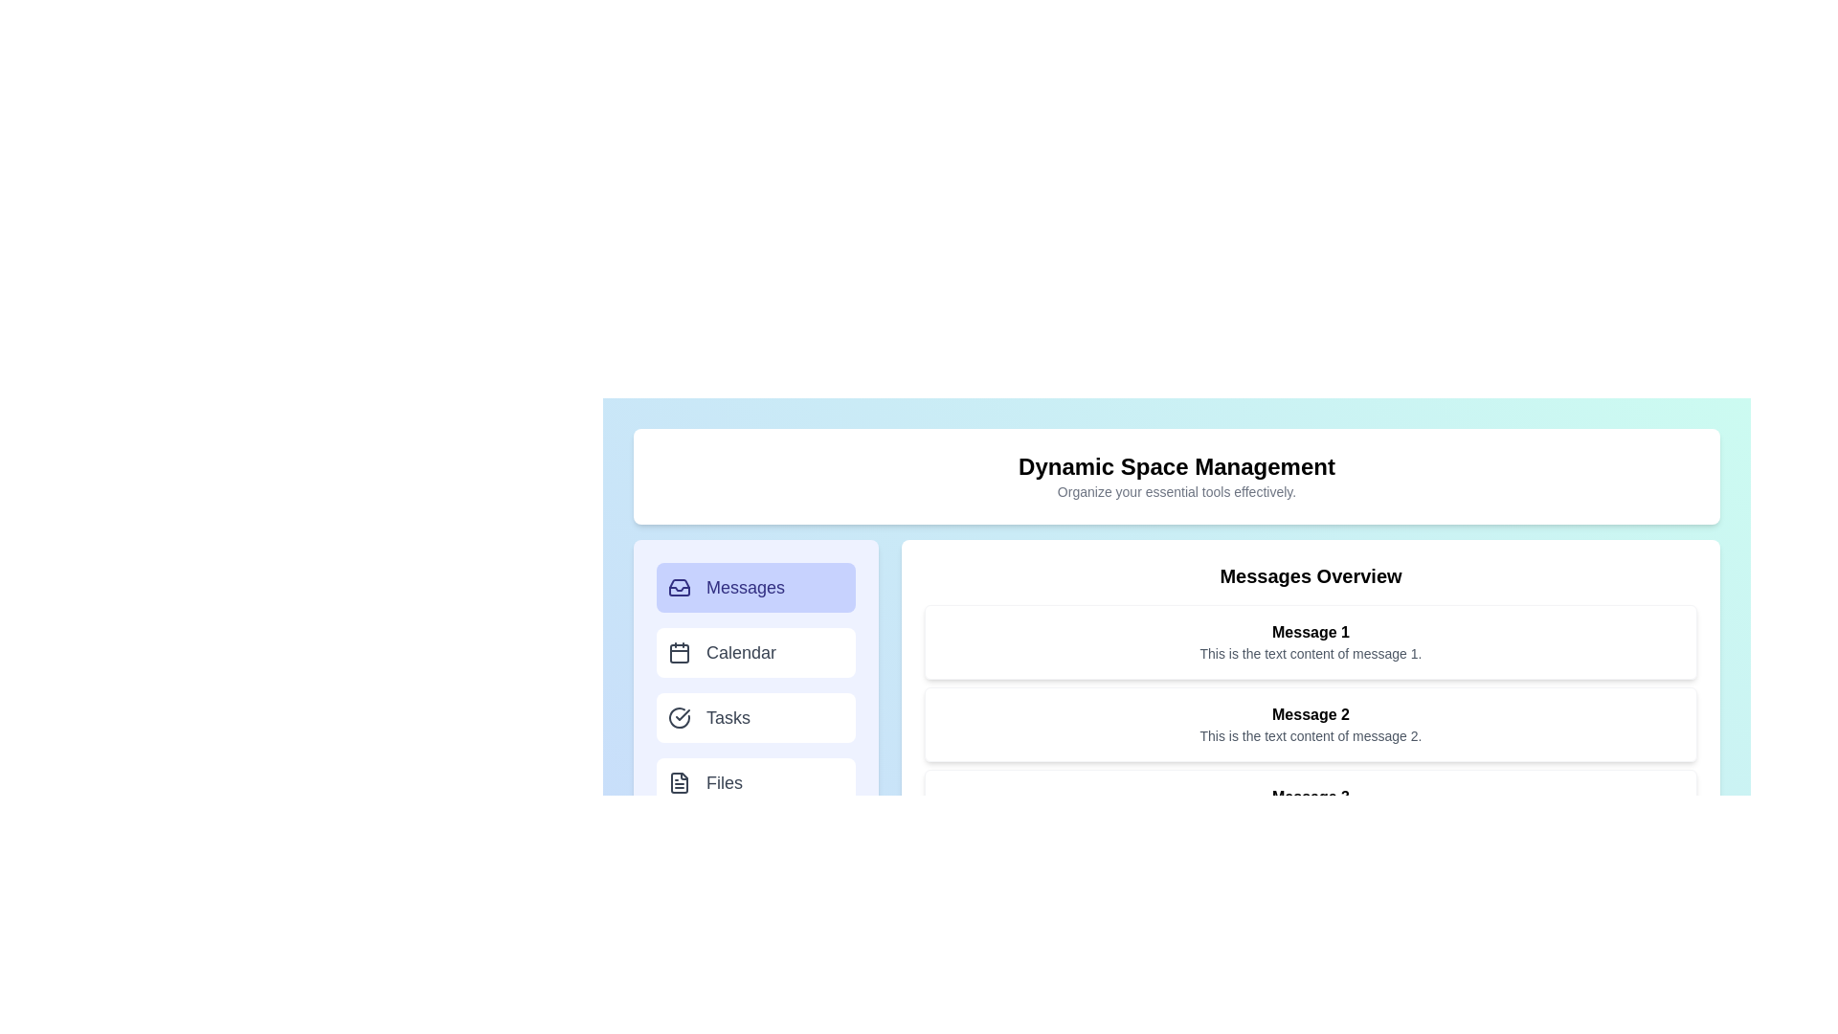 The image size is (1838, 1034). I want to click on the 'Files' navigation button located at the bottom of the sidebar list, following 'Messages', 'Calendar', and 'Tasks', so click(755, 782).